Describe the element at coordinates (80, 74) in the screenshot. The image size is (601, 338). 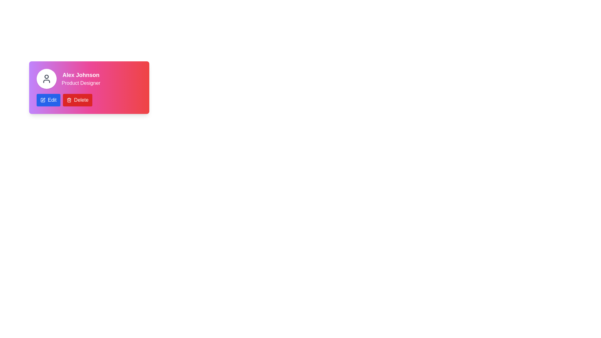
I see `the Text Label that displays the name of a user, positioned in the top-left portion of the user profile card, above the 'Product Designer' text and near the circular user icon` at that location.